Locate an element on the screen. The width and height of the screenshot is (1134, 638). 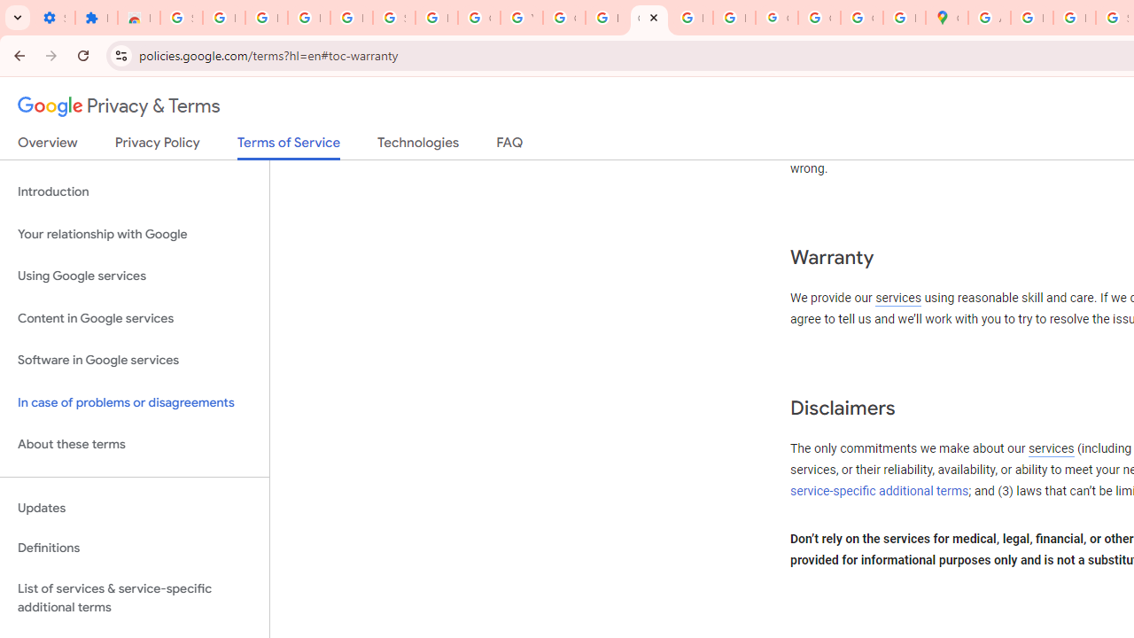
'YouTube' is located at coordinates (520, 18).